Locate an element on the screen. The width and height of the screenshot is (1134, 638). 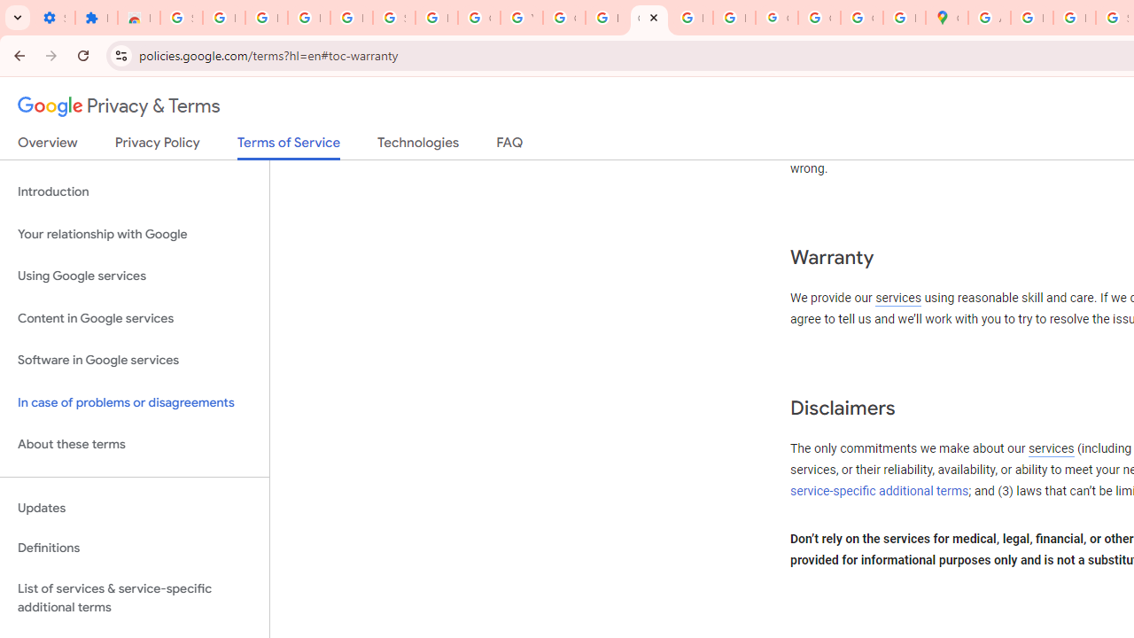
'YouTube' is located at coordinates (520, 18).